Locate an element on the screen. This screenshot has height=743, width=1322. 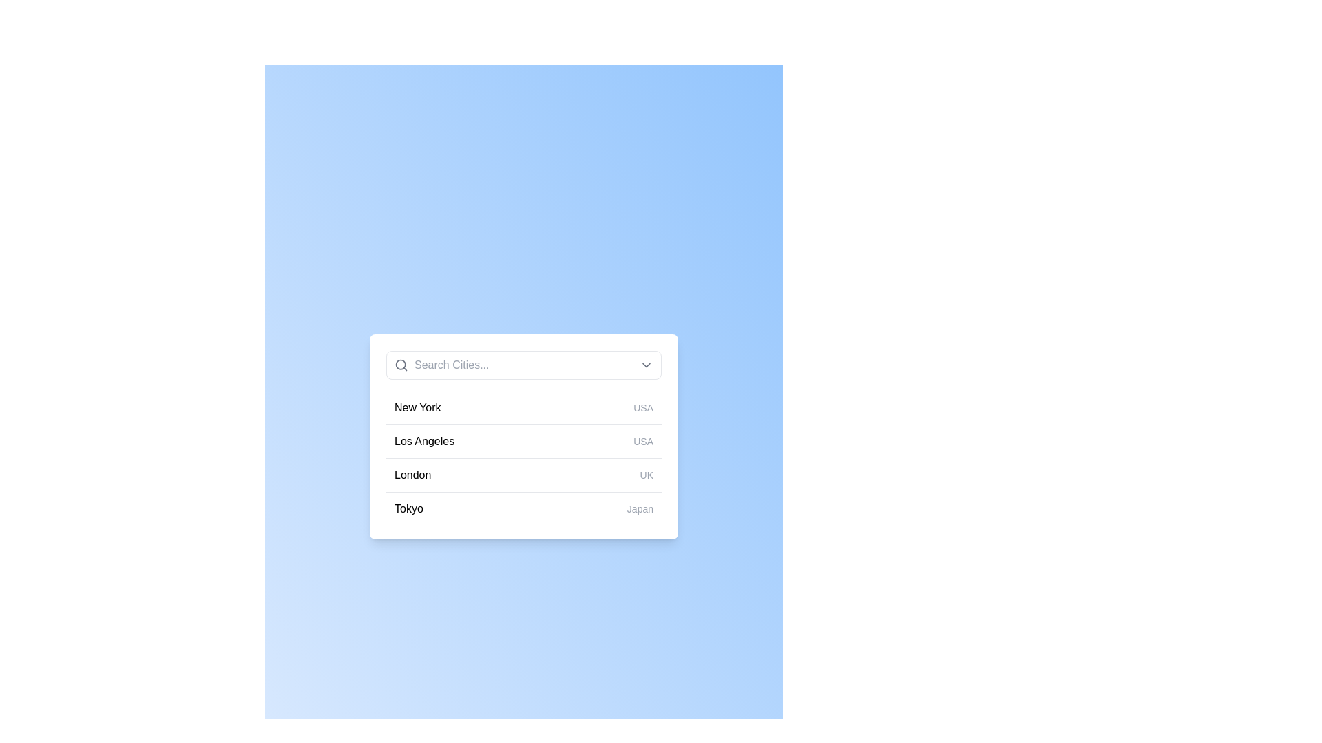
the list item displaying 'Los Angeles' is located at coordinates (523, 437).